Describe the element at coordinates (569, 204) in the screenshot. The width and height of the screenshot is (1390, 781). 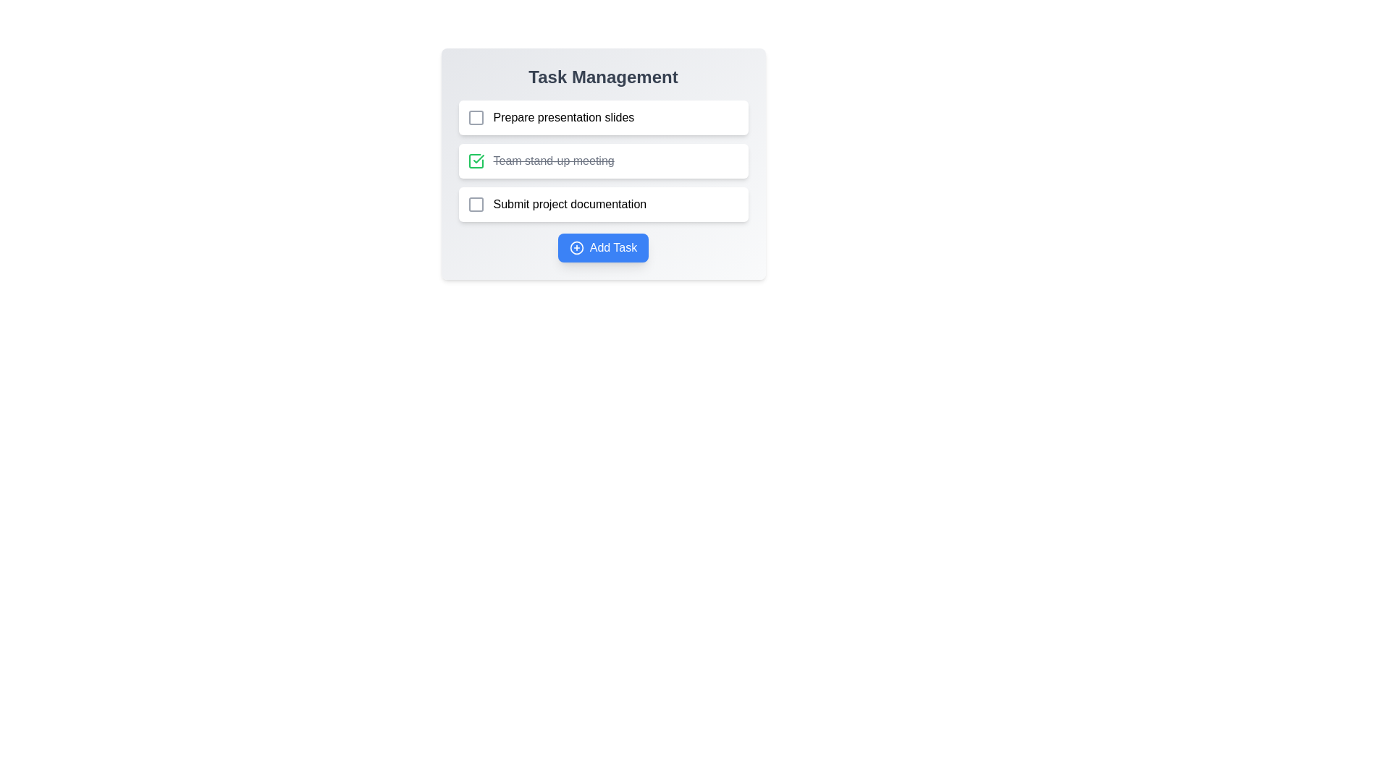
I see `the text of the task 'Submit project documentation'` at that location.